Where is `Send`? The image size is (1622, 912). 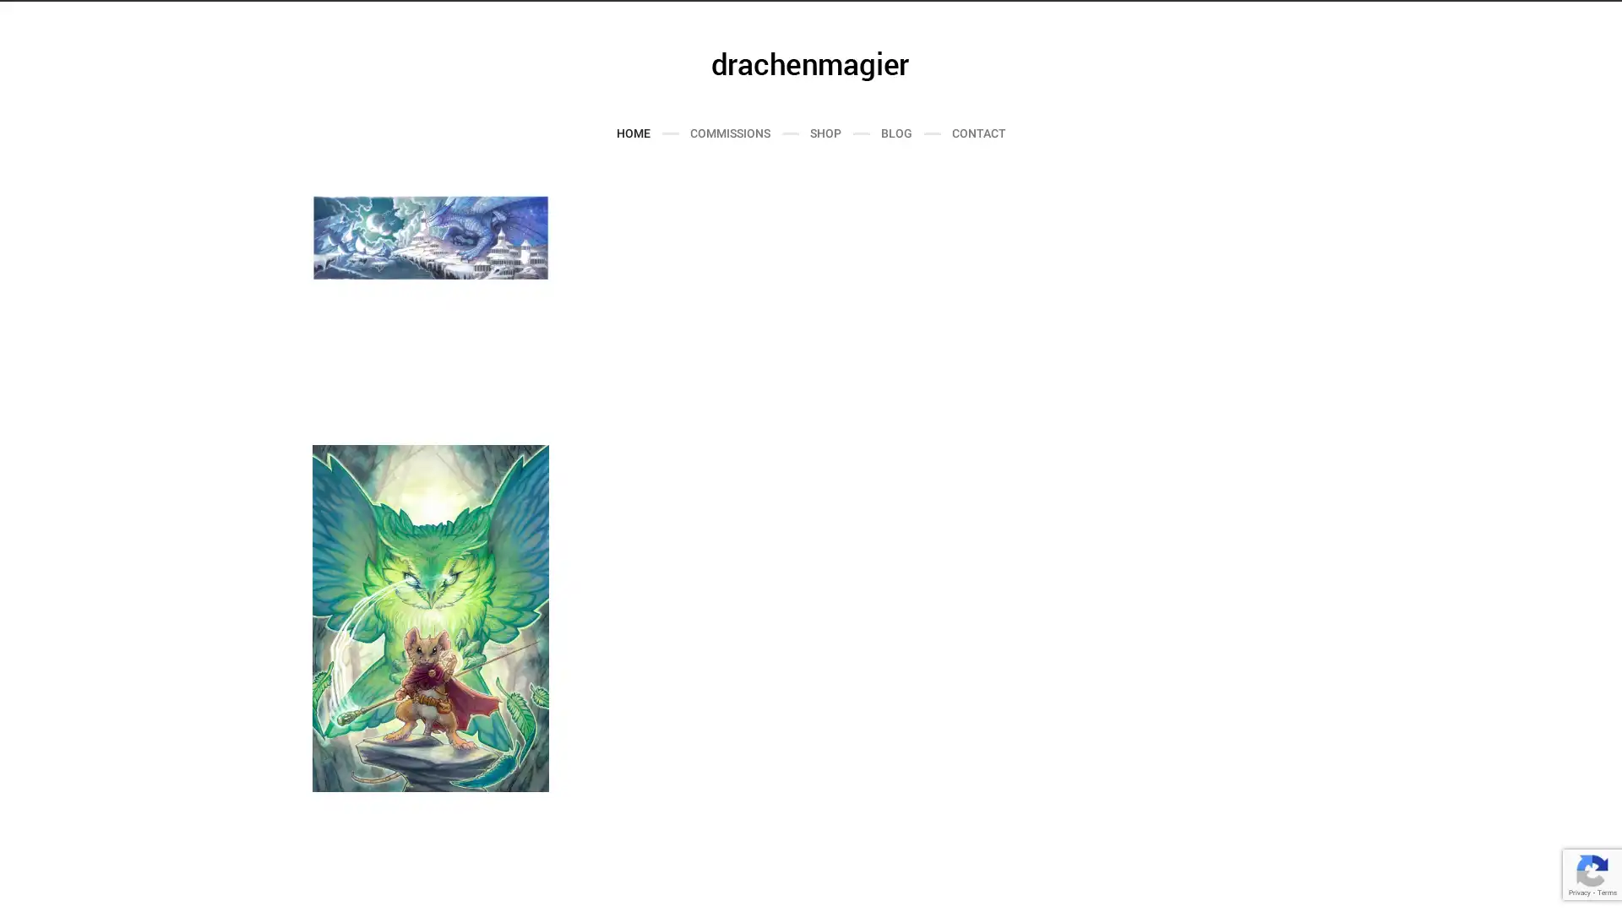
Send is located at coordinates (420, 586).